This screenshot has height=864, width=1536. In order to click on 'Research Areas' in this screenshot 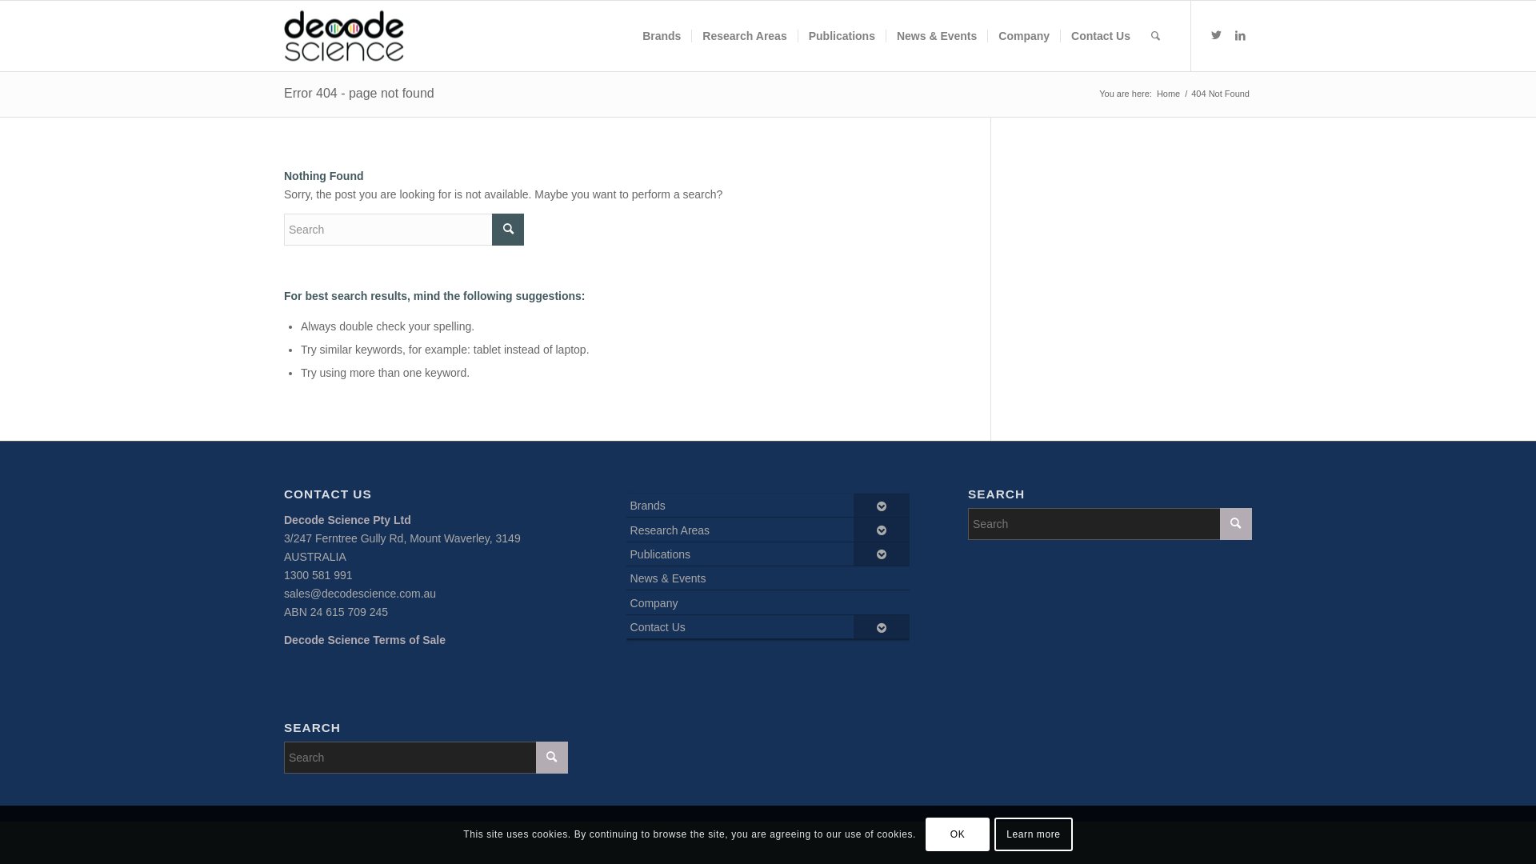, I will do `click(691, 36)`.